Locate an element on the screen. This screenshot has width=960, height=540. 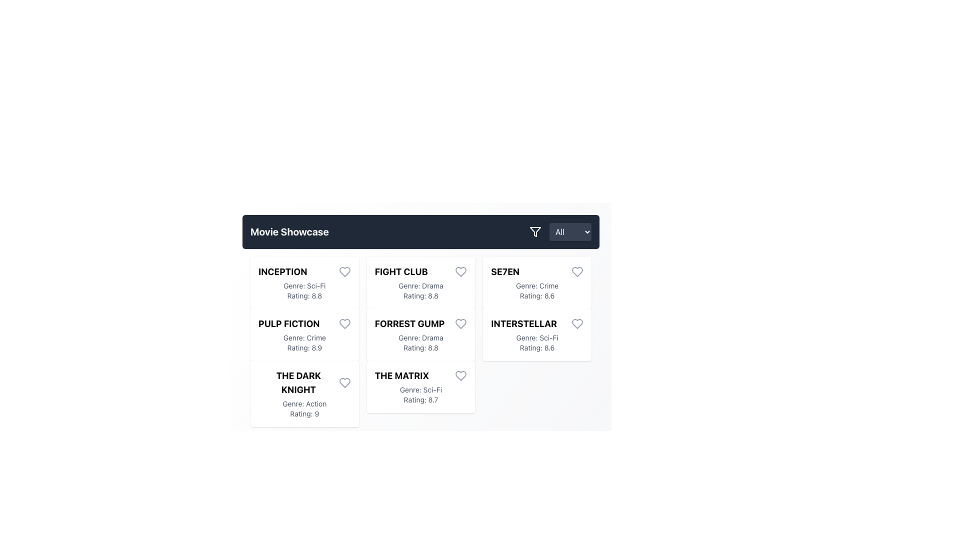
the bold uppercase text label displaying the movie name 'The Matrix' is located at coordinates (401, 376).